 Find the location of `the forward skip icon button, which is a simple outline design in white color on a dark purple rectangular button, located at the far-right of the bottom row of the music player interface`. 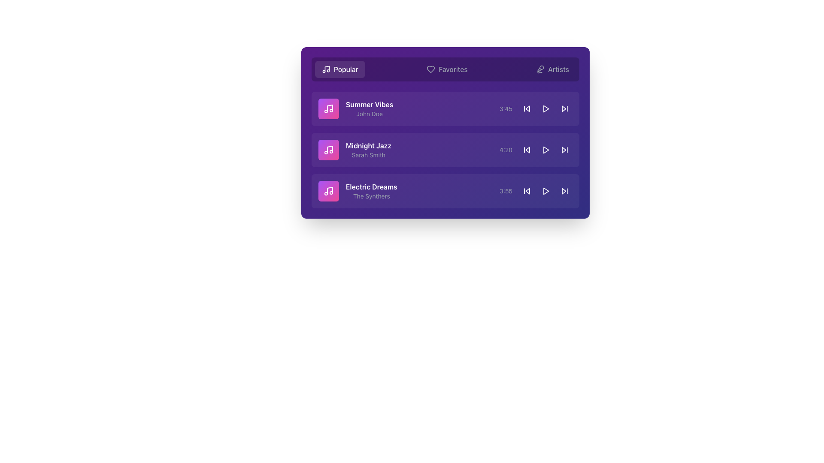

the forward skip icon button, which is a simple outline design in white color on a dark purple rectangular button, located at the far-right of the bottom row of the music player interface is located at coordinates (564, 191).